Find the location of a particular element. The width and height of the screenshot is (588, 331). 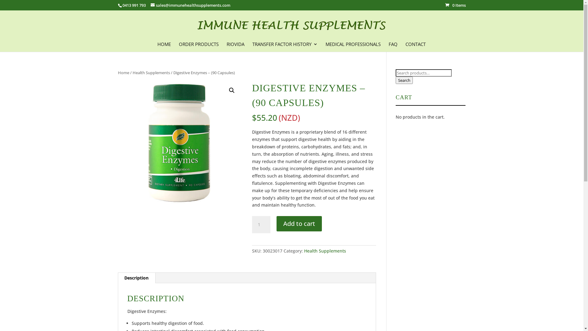

'HOME' is located at coordinates (164, 46).